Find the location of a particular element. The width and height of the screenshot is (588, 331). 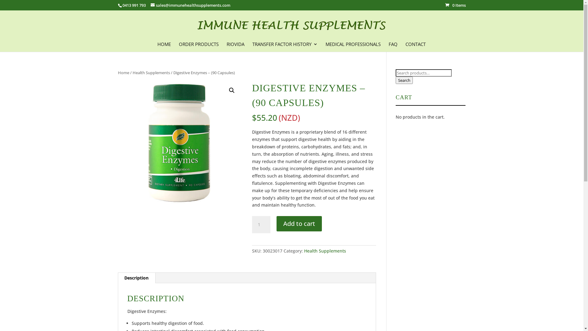

'HOME' is located at coordinates (164, 46).